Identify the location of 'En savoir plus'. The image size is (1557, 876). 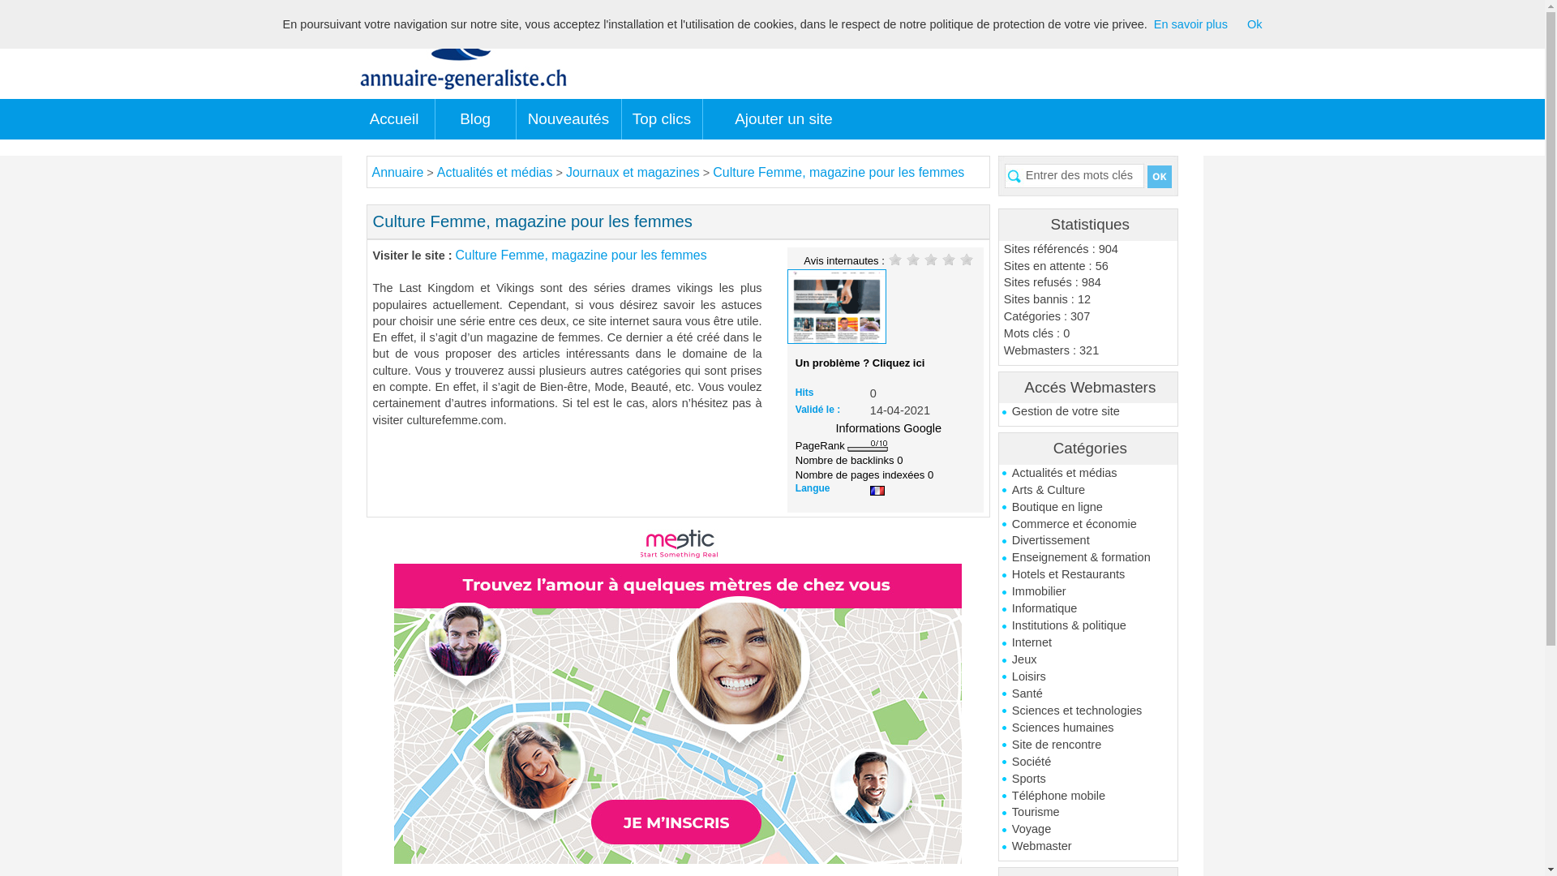
(1190, 24).